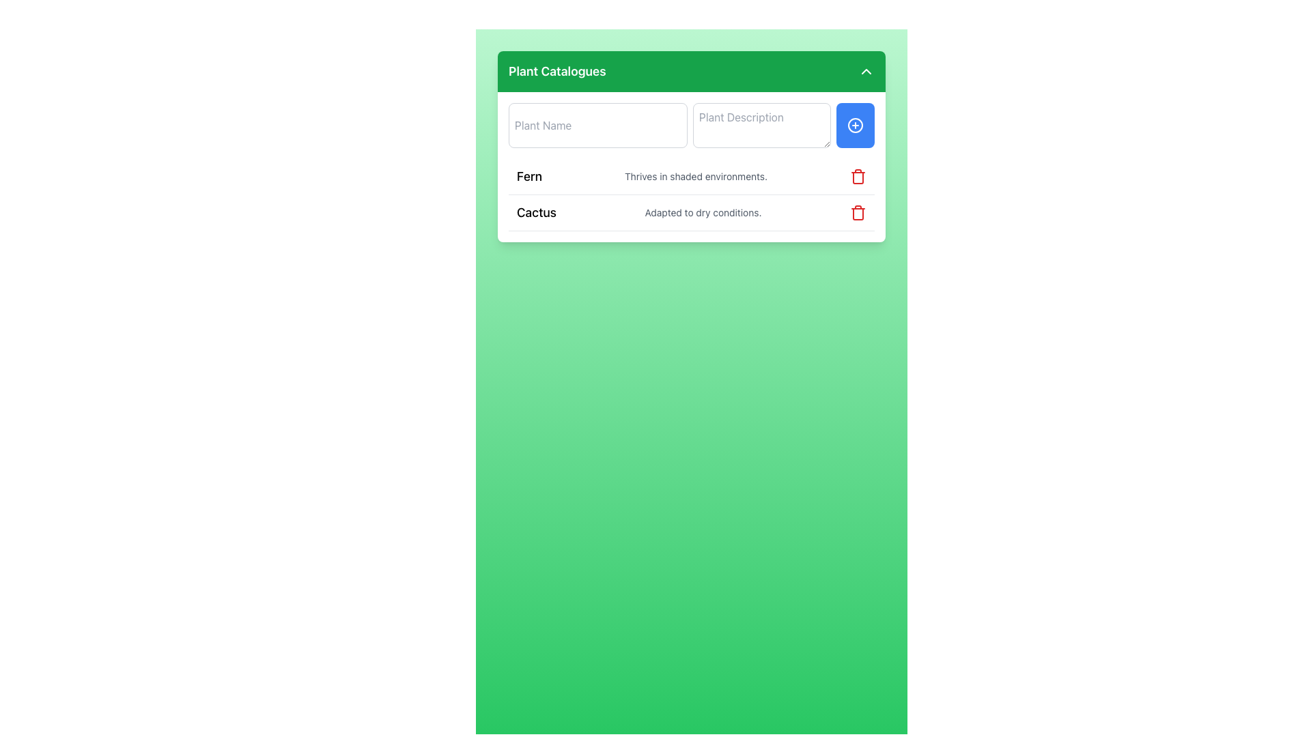  I want to click on the text phrase 'Adapted to dry conditions.' which is styled in a smaller gray font and positioned to the right of the title 'Cactus', so click(703, 213).